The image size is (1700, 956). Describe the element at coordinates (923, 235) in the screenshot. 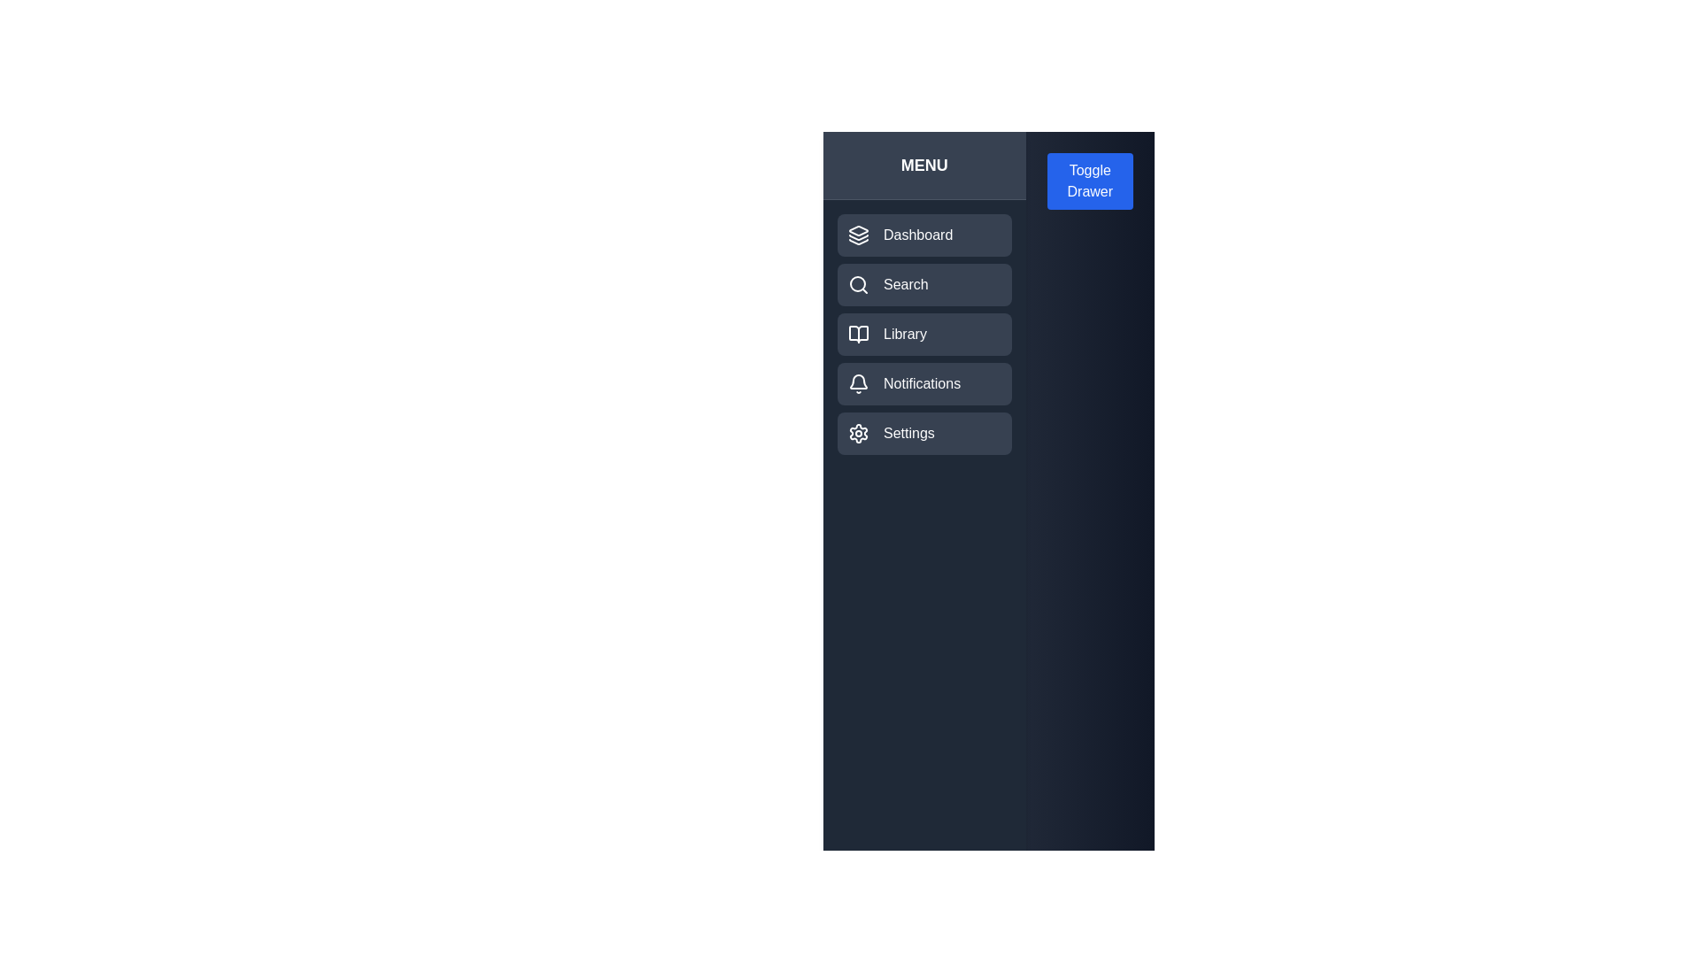

I see `the menu item labeled Dashboard` at that location.